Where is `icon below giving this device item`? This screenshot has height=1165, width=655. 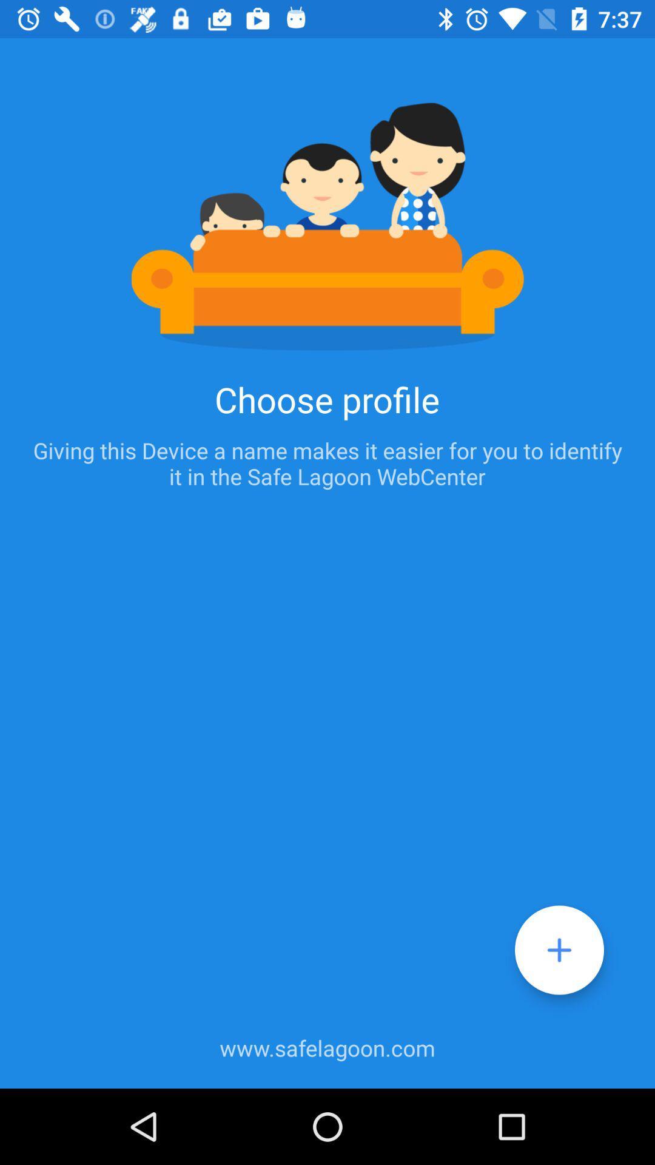
icon below giving this device item is located at coordinates (559, 949).